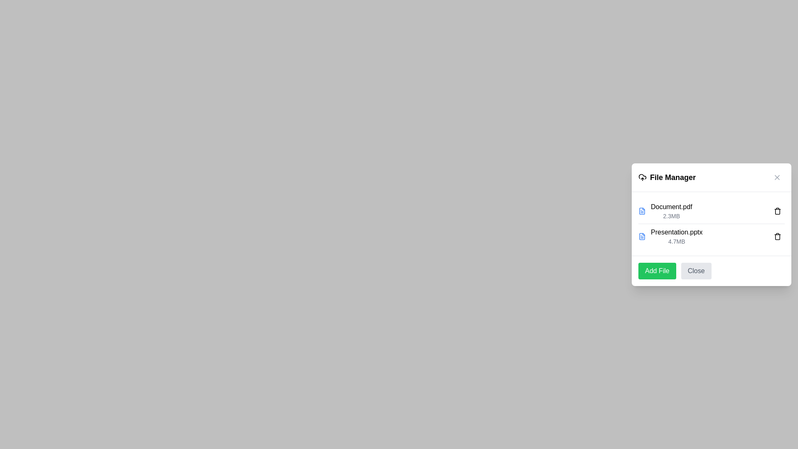 The width and height of the screenshot is (798, 449). I want to click on the PDF document icon located to the left of the text labeled 'Document.pdf 2.3MB' in the file management interface, so click(642, 210).